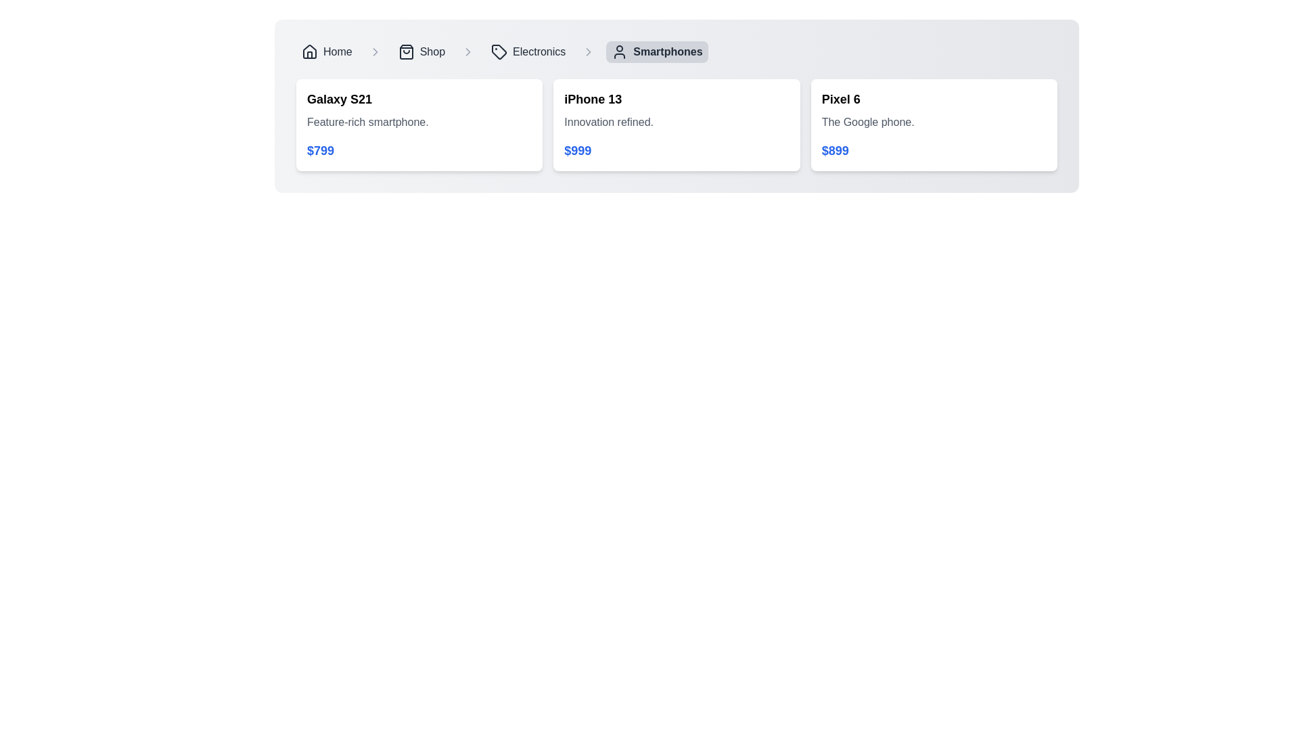  I want to click on the 'Home' icon in the breadcrumb navigation bar, which is a graphical representation of a house, so click(309, 51).